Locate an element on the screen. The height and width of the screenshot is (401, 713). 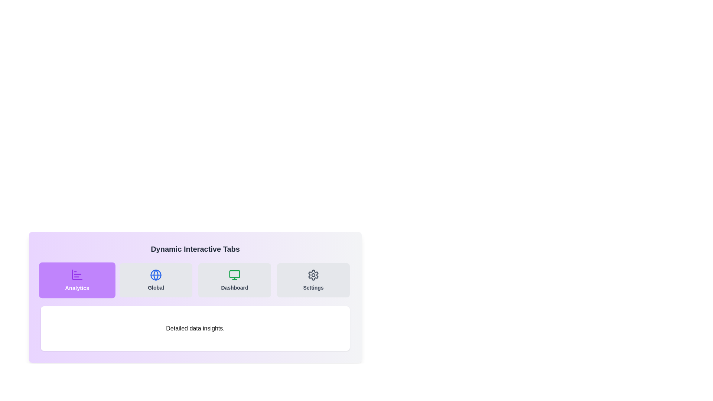
text label 'Analytics' located below the icon on the purple rectangular button is located at coordinates (77, 287).